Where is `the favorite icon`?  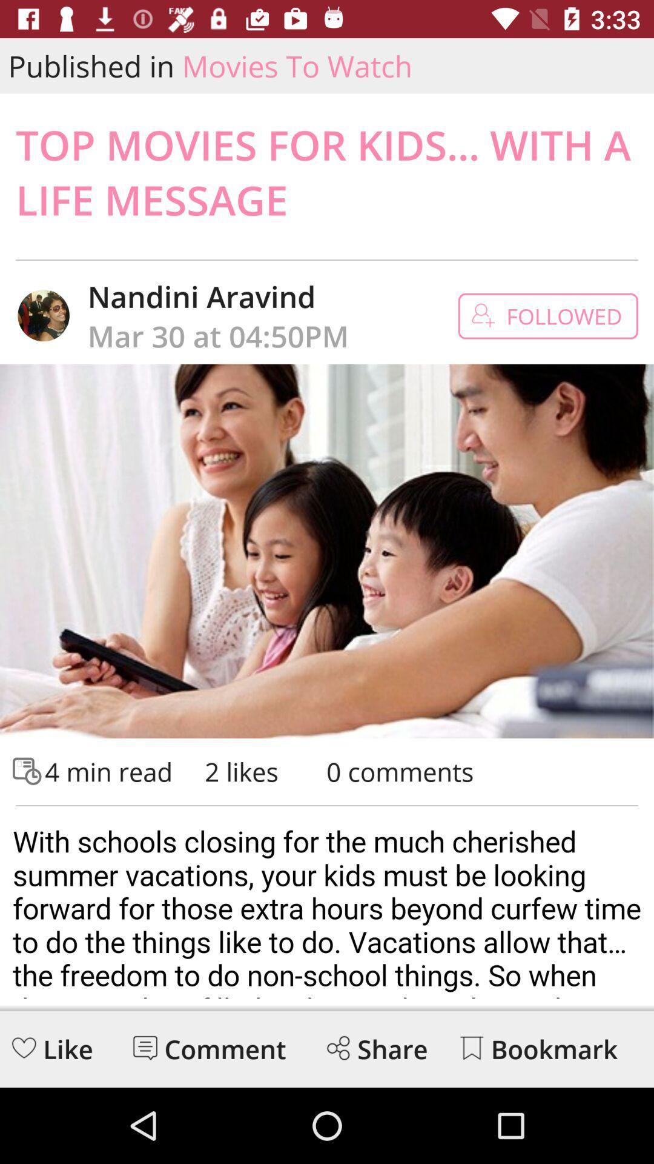 the favorite icon is located at coordinates (24, 1047).